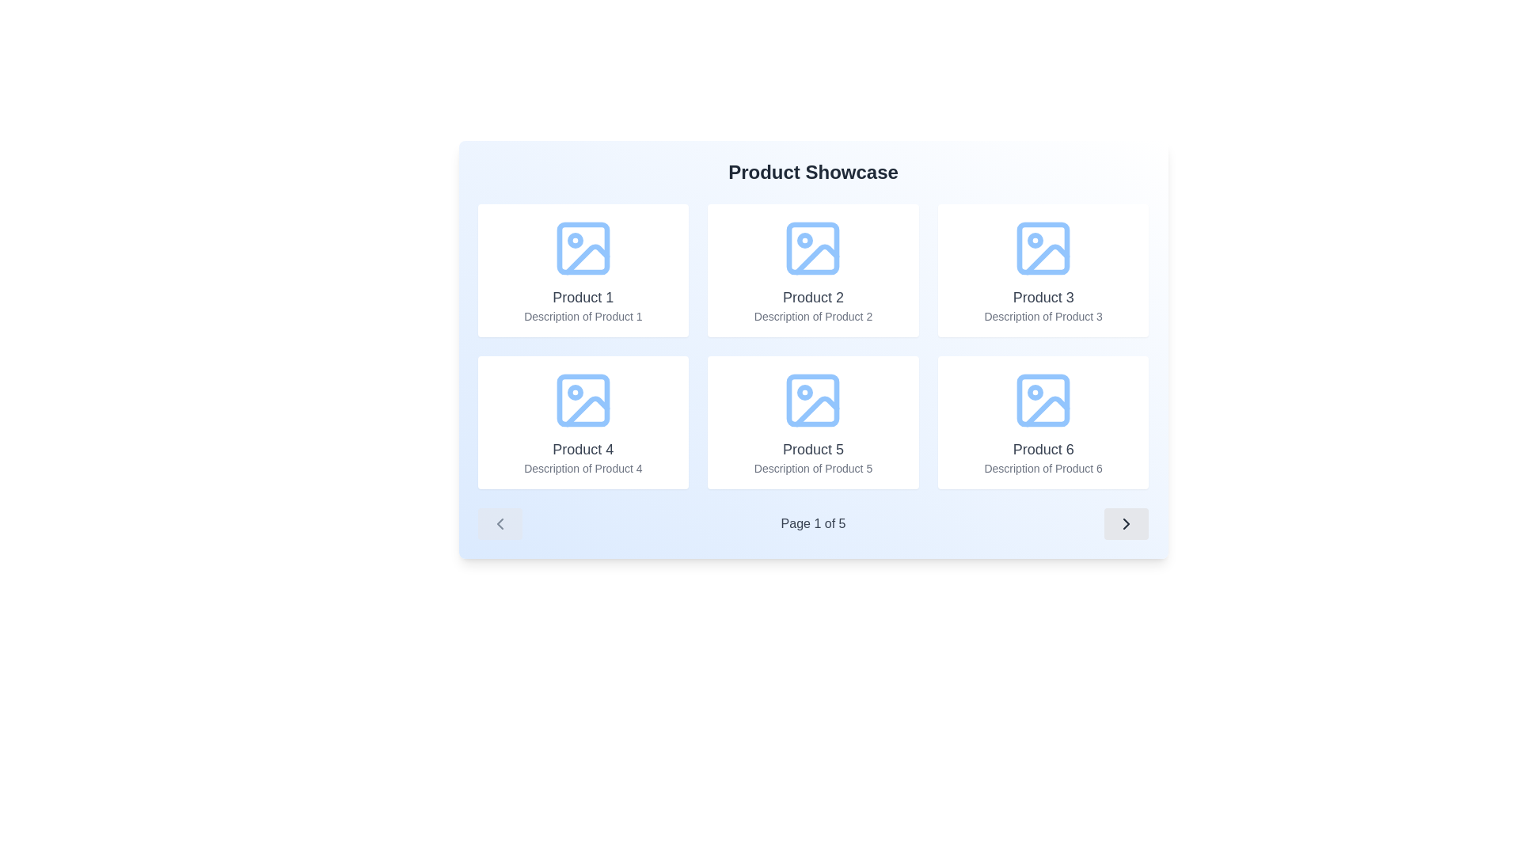 Image resolution: width=1520 pixels, height=855 pixels. Describe the element at coordinates (813, 421) in the screenshot. I see `the product card labeled 'Product 5' that features a white background, rounded corners, and includes an icon at the top` at that location.